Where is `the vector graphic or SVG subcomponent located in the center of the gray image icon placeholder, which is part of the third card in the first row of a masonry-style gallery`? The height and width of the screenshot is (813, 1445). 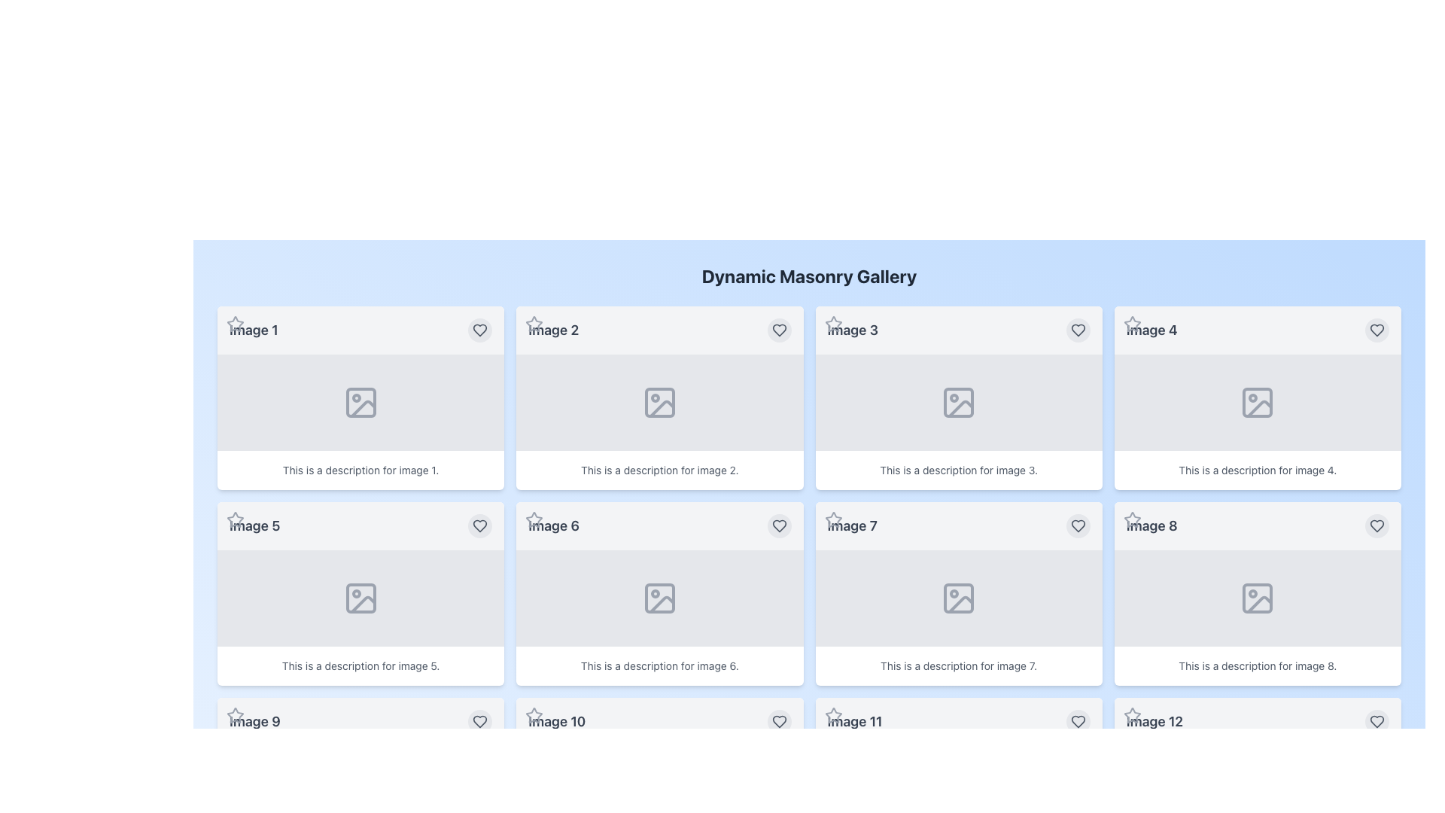
the vector graphic or SVG subcomponent located in the center of the gray image icon placeholder, which is part of the third card in the first row of a masonry-style gallery is located at coordinates (958, 402).